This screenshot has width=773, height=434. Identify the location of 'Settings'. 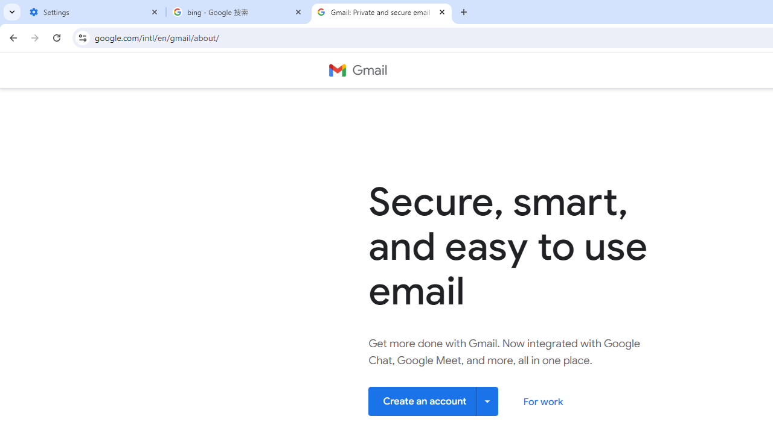
(94, 12).